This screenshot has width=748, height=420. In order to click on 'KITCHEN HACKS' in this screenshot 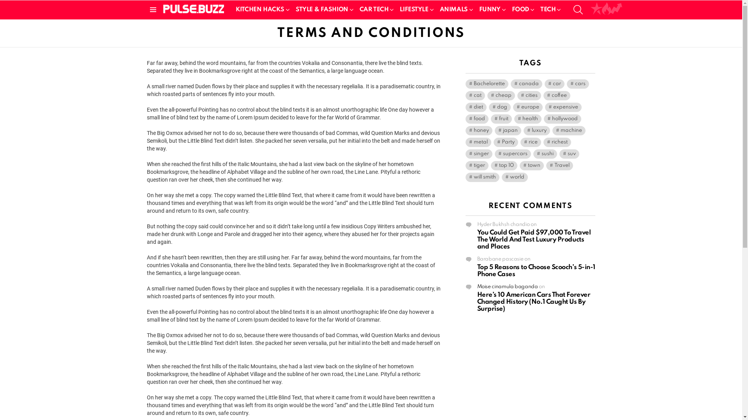, I will do `click(261, 9)`.